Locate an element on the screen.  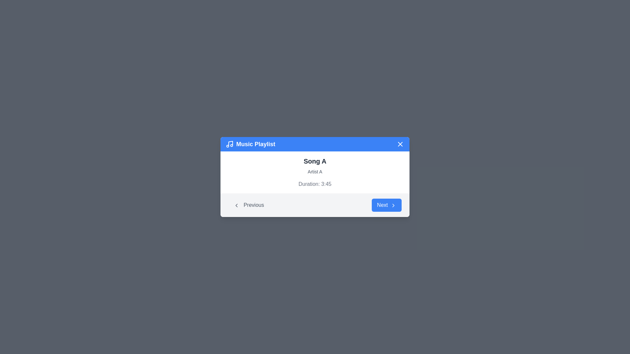
the 'Next' button, which is a bright blue rectangular button with rounded corners and features the text 'Next' in bold white font, located at the bottom-right corner of the modal window is located at coordinates (387, 205).